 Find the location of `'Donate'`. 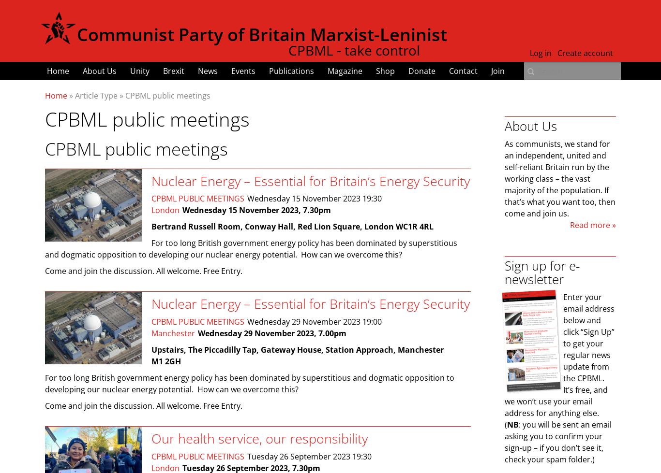

'Donate' is located at coordinates (421, 71).